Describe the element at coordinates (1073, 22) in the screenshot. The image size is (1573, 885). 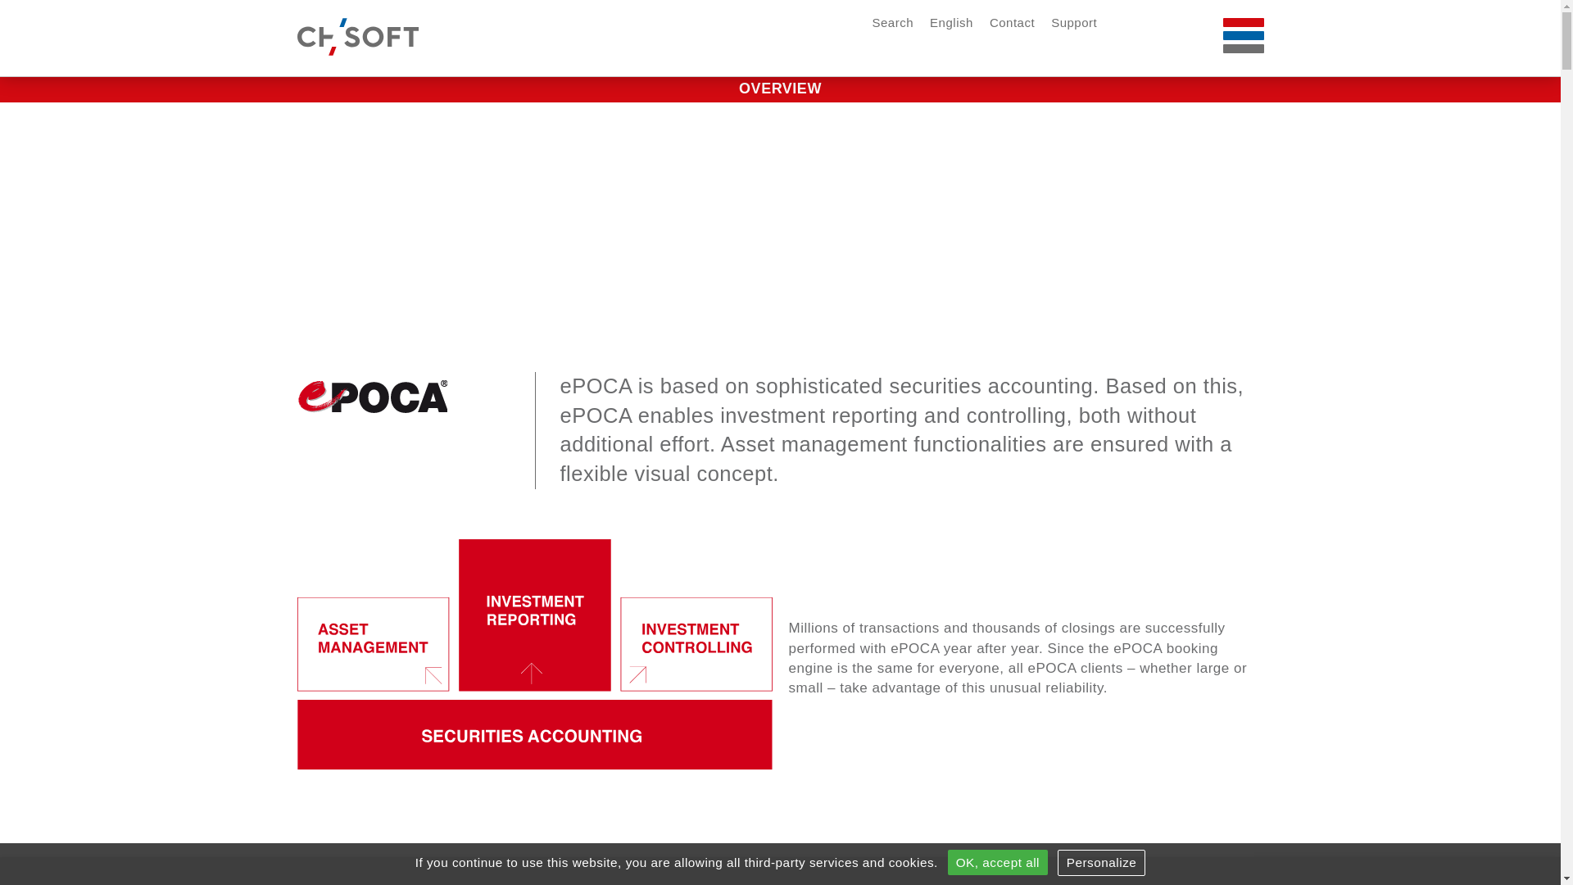
I see `'Support'` at that location.